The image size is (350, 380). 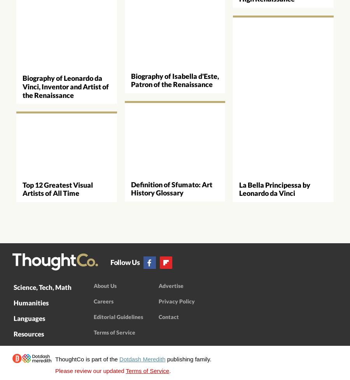 What do you see at coordinates (171, 285) in the screenshot?
I see `'Advertise'` at bounding box center [171, 285].